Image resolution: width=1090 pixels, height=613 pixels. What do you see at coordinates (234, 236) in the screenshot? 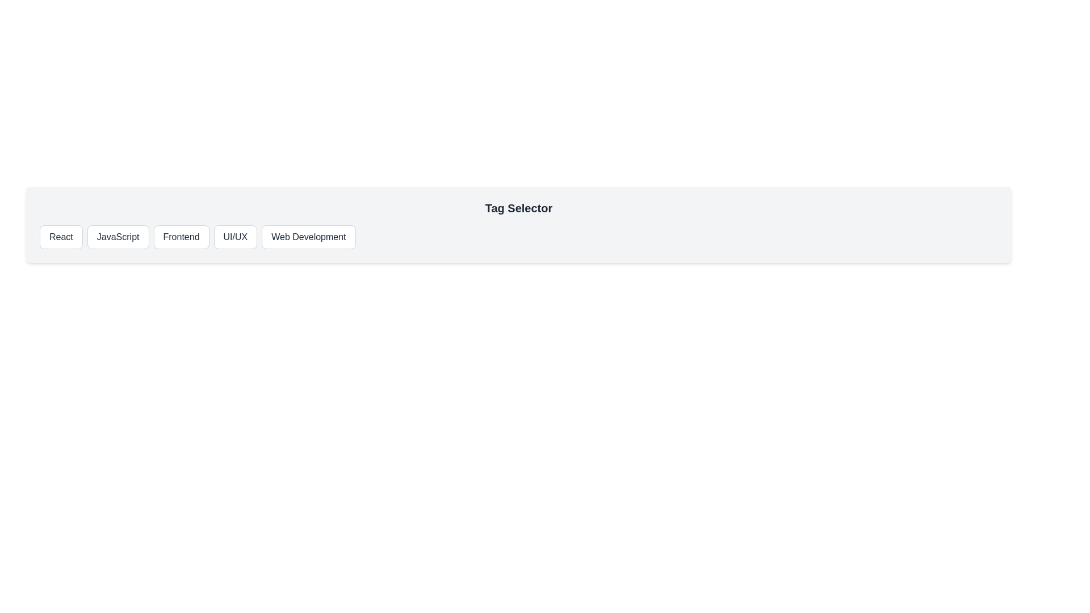
I see `the tag button labeled UI/UX to select it and view the selected tag displayed below` at bounding box center [234, 236].